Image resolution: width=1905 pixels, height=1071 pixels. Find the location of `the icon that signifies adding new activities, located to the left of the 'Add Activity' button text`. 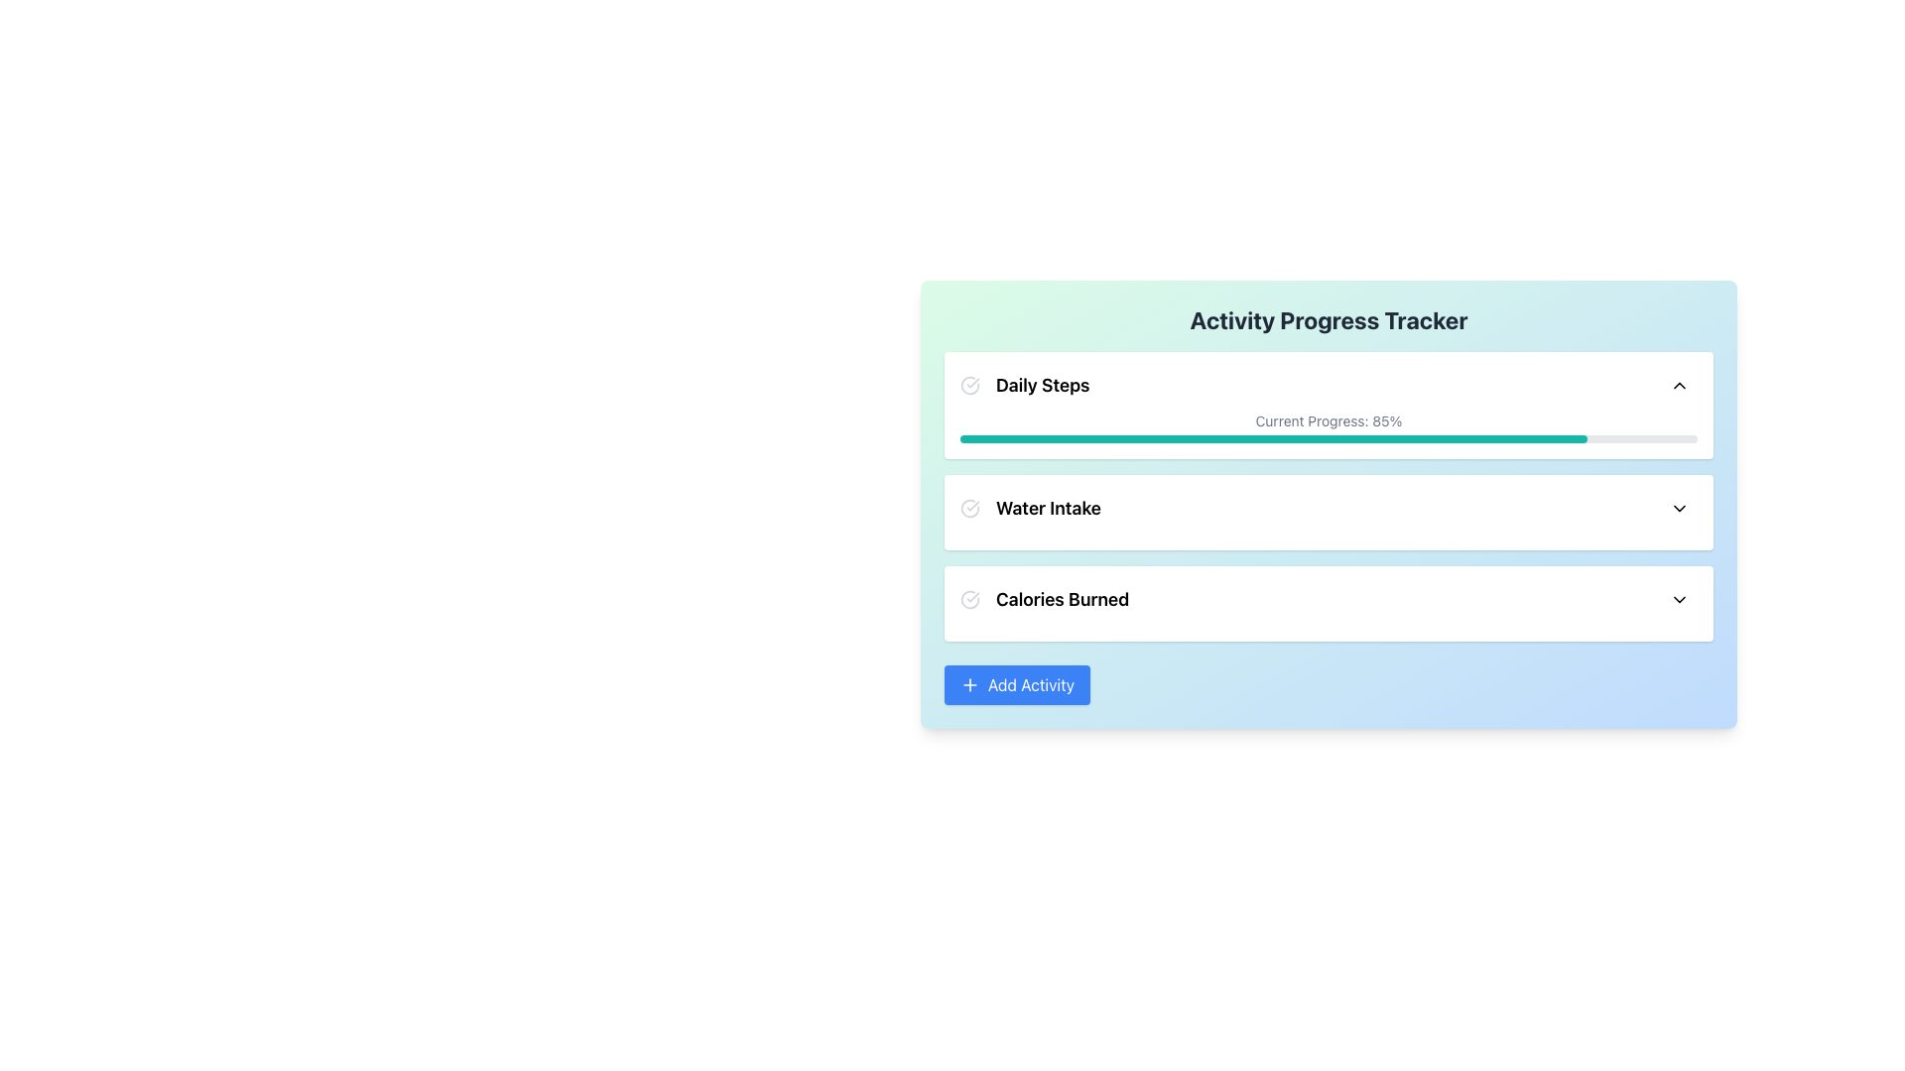

the icon that signifies adding new activities, located to the left of the 'Add Activity' button text is located at coordinates (970, 683).